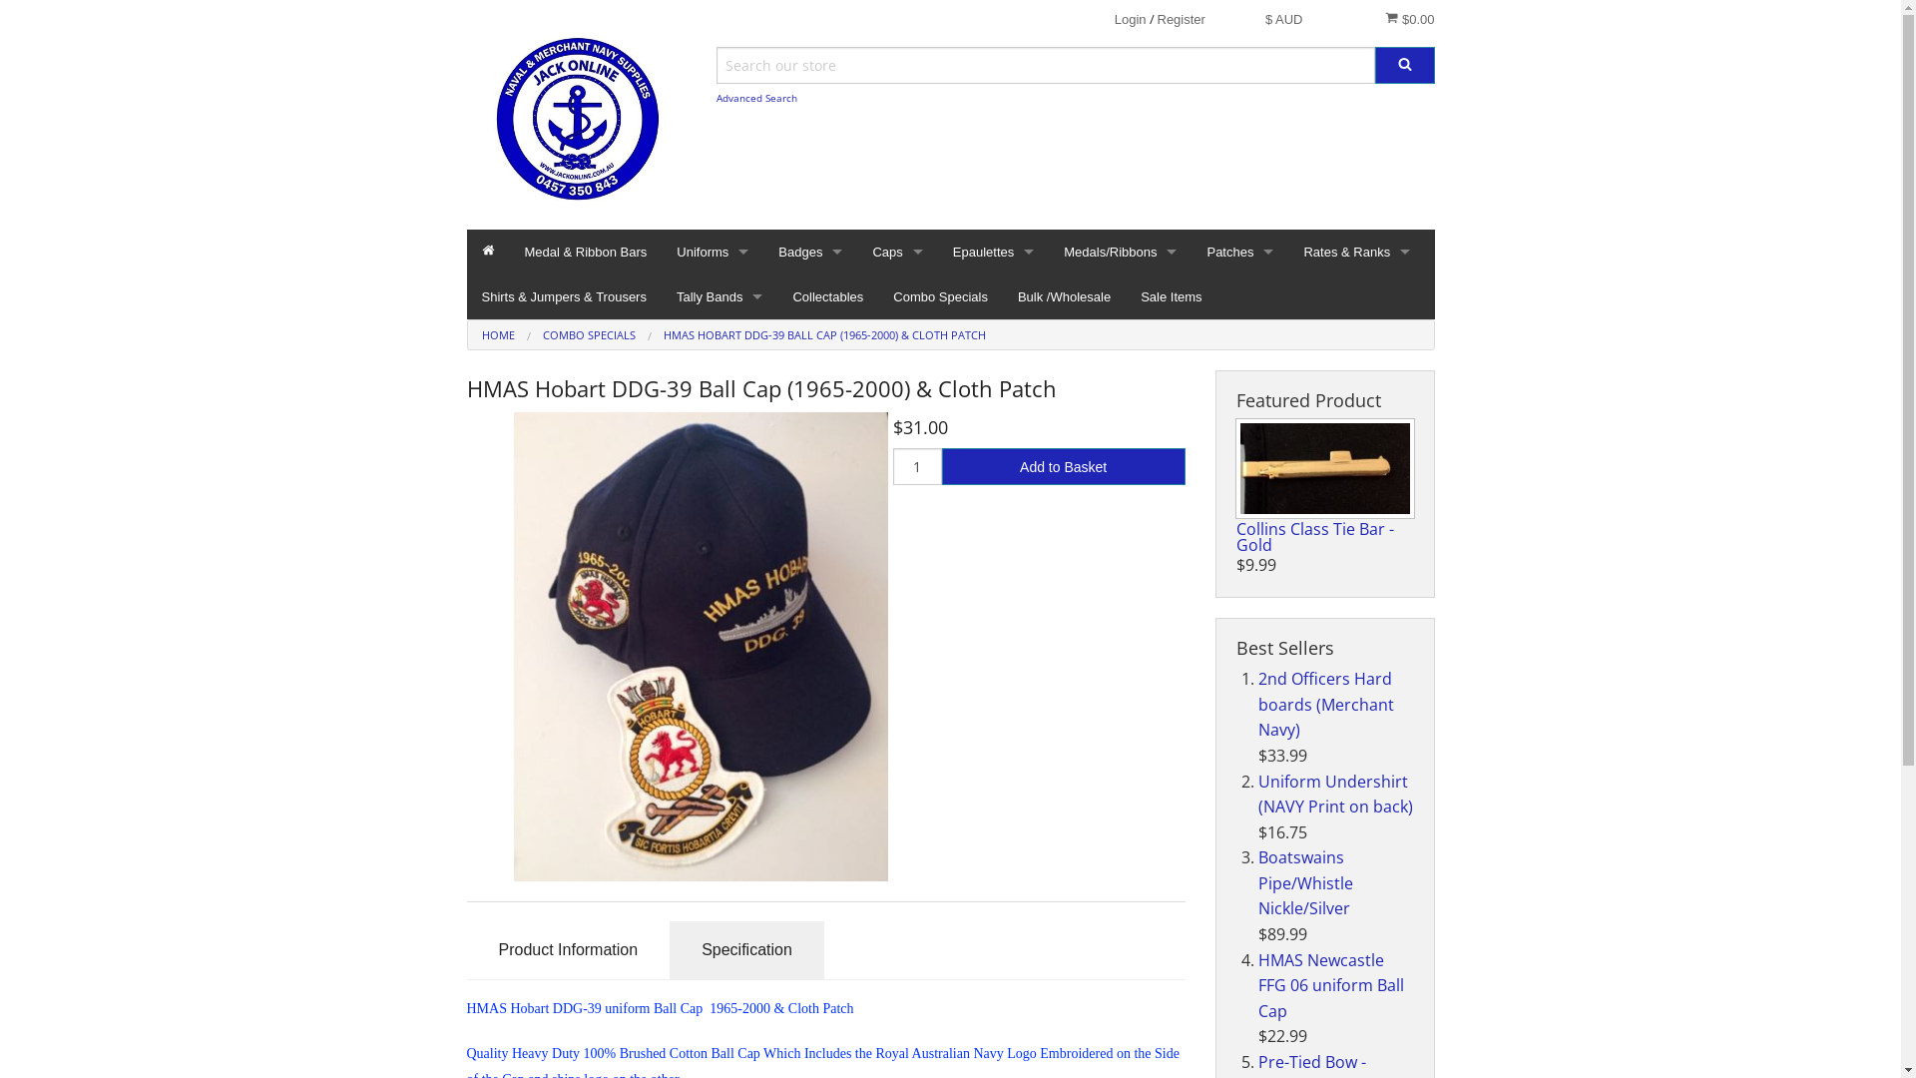  Describe the element at coordinates (1356, 410) in the screenshot. I see `'Collectable Rates & Ranks'` at that location.